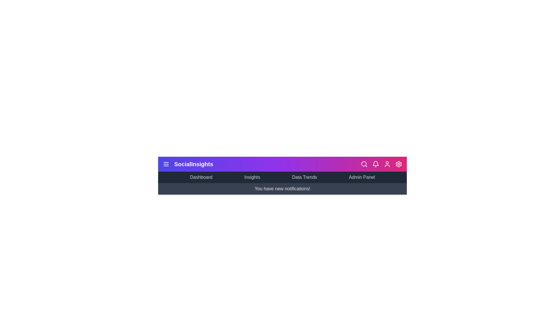 Image resolution: width=552 pixels, height=310 pixels. I want to click on the 'Settings' icon to open the settings menu, so click(398, 164).